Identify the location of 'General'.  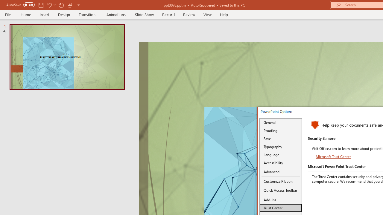
(280, 122).